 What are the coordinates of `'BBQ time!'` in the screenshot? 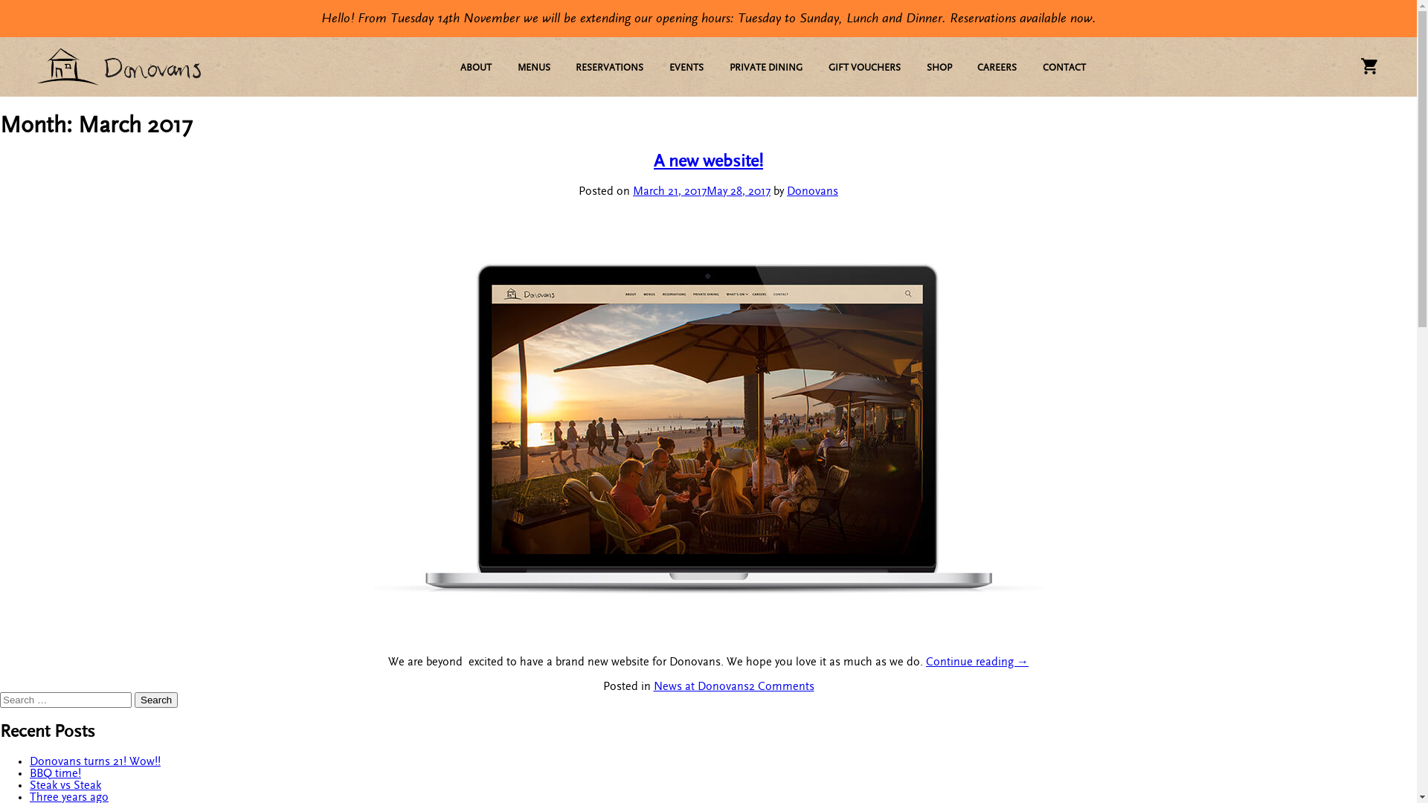 It's located at (55, 773).